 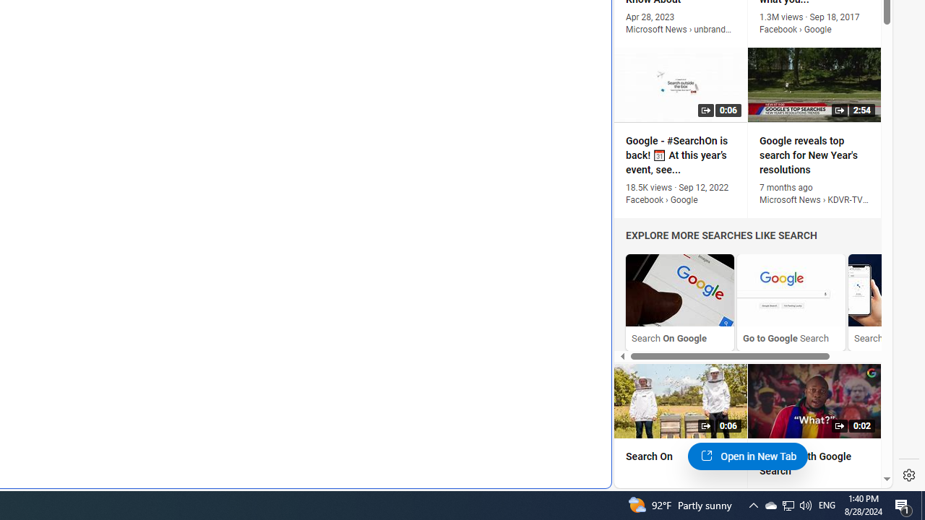 What do you see at coordinates (679, 290) in the screenshot?
I see `'Search On Google'` at bounding box center [679, 290].